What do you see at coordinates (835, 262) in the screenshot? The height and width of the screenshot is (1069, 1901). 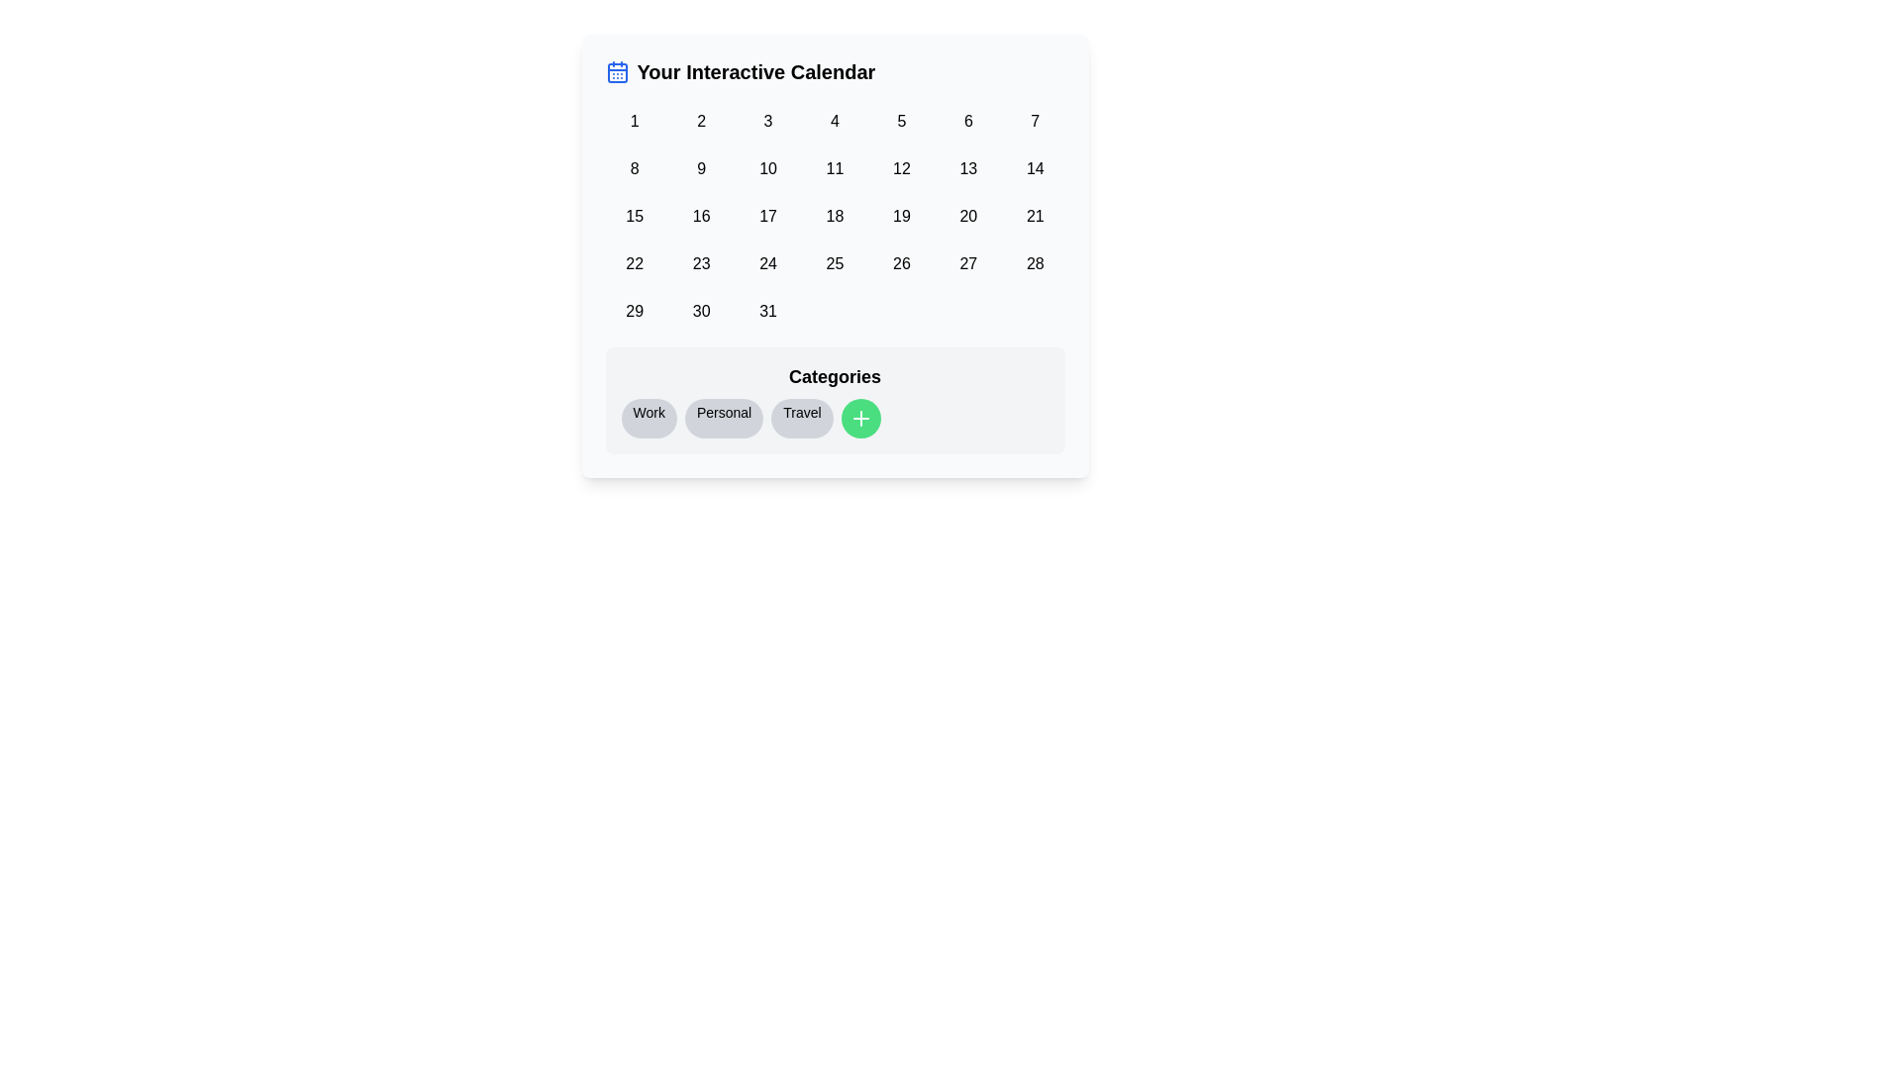 I see `the clickable calendar day button representing the 25th day in the calendar grid layout` at bounding box center [835, 262].